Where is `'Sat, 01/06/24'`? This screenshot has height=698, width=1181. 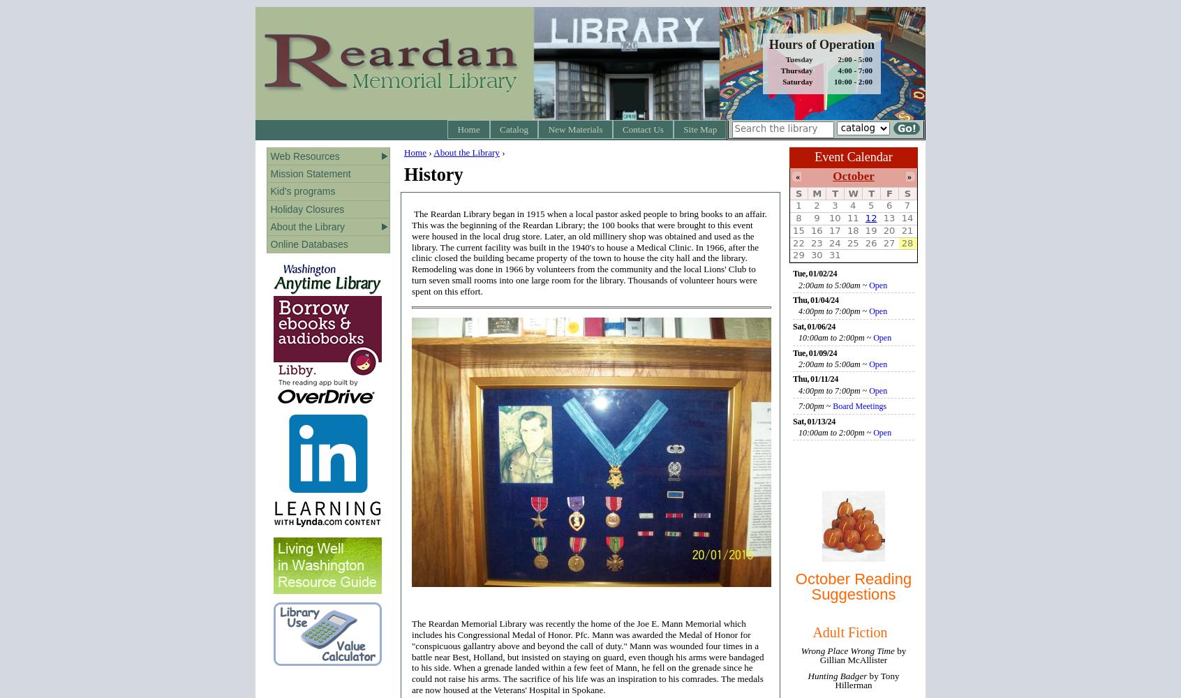
'Sat, 01/06/24' is located at coordinates (813, 325).